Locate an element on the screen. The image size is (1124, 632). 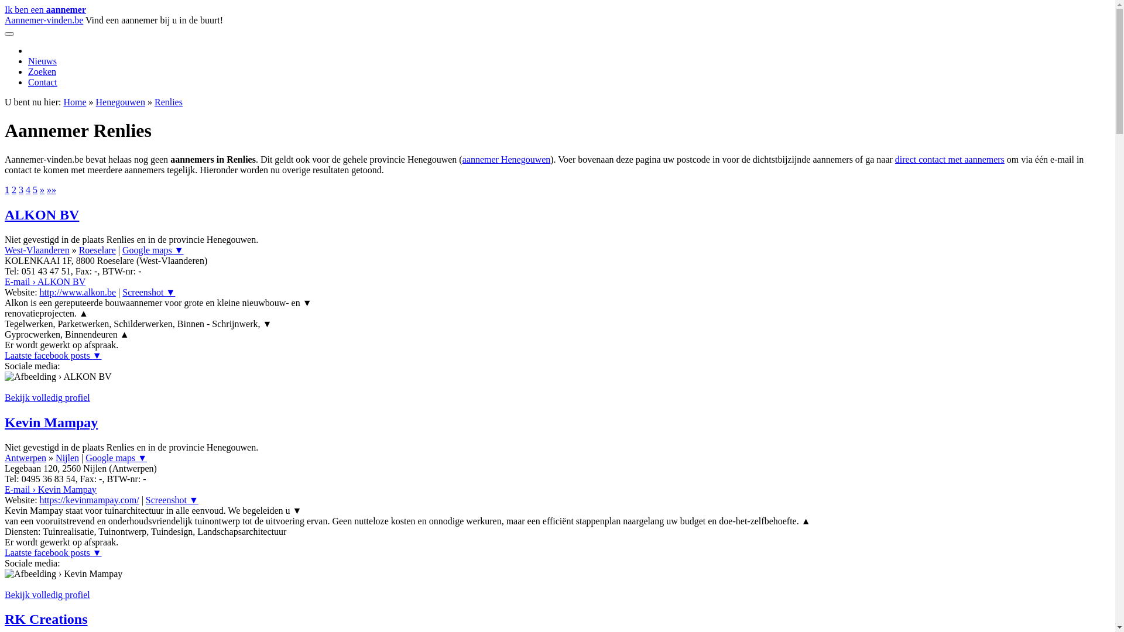
'Kevin Mampay' is located at coordinates (50, 422).